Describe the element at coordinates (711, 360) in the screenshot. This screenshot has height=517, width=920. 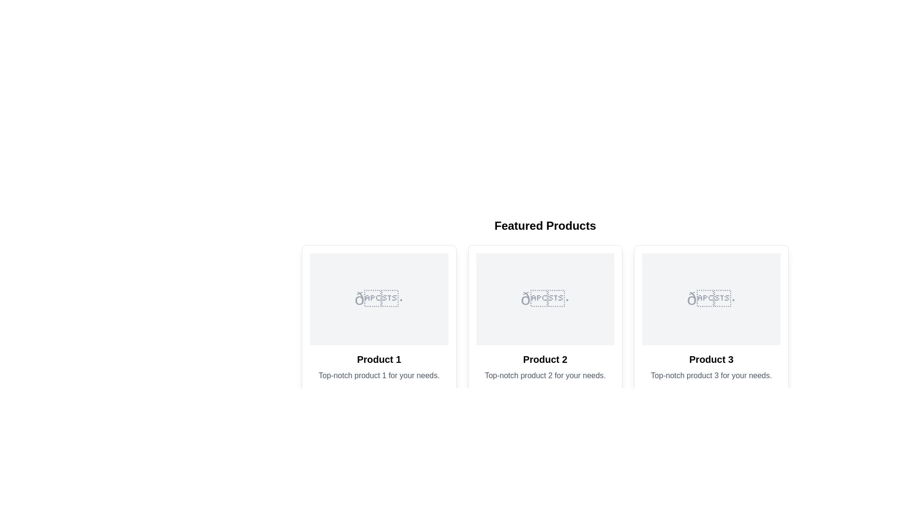
I see `the text label displaying 'Product 3', which is the third item in a horizontally aligned list of product details, positioned below an icon and above a description paragraph` at that location.